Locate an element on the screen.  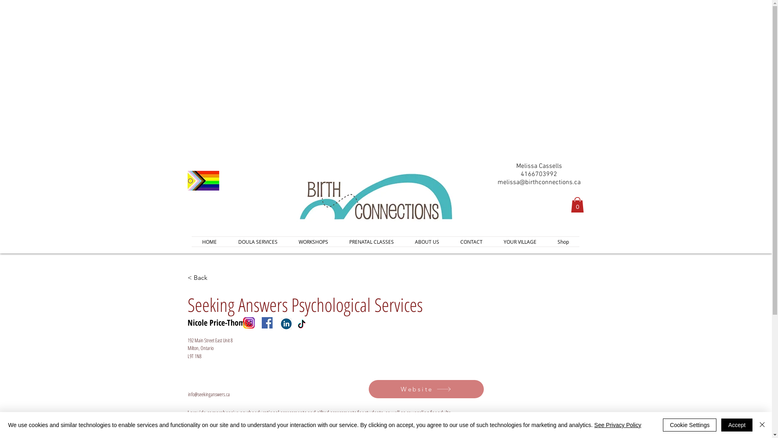
'PRENATAL CLASSES' is located at coordinates (371, 241).